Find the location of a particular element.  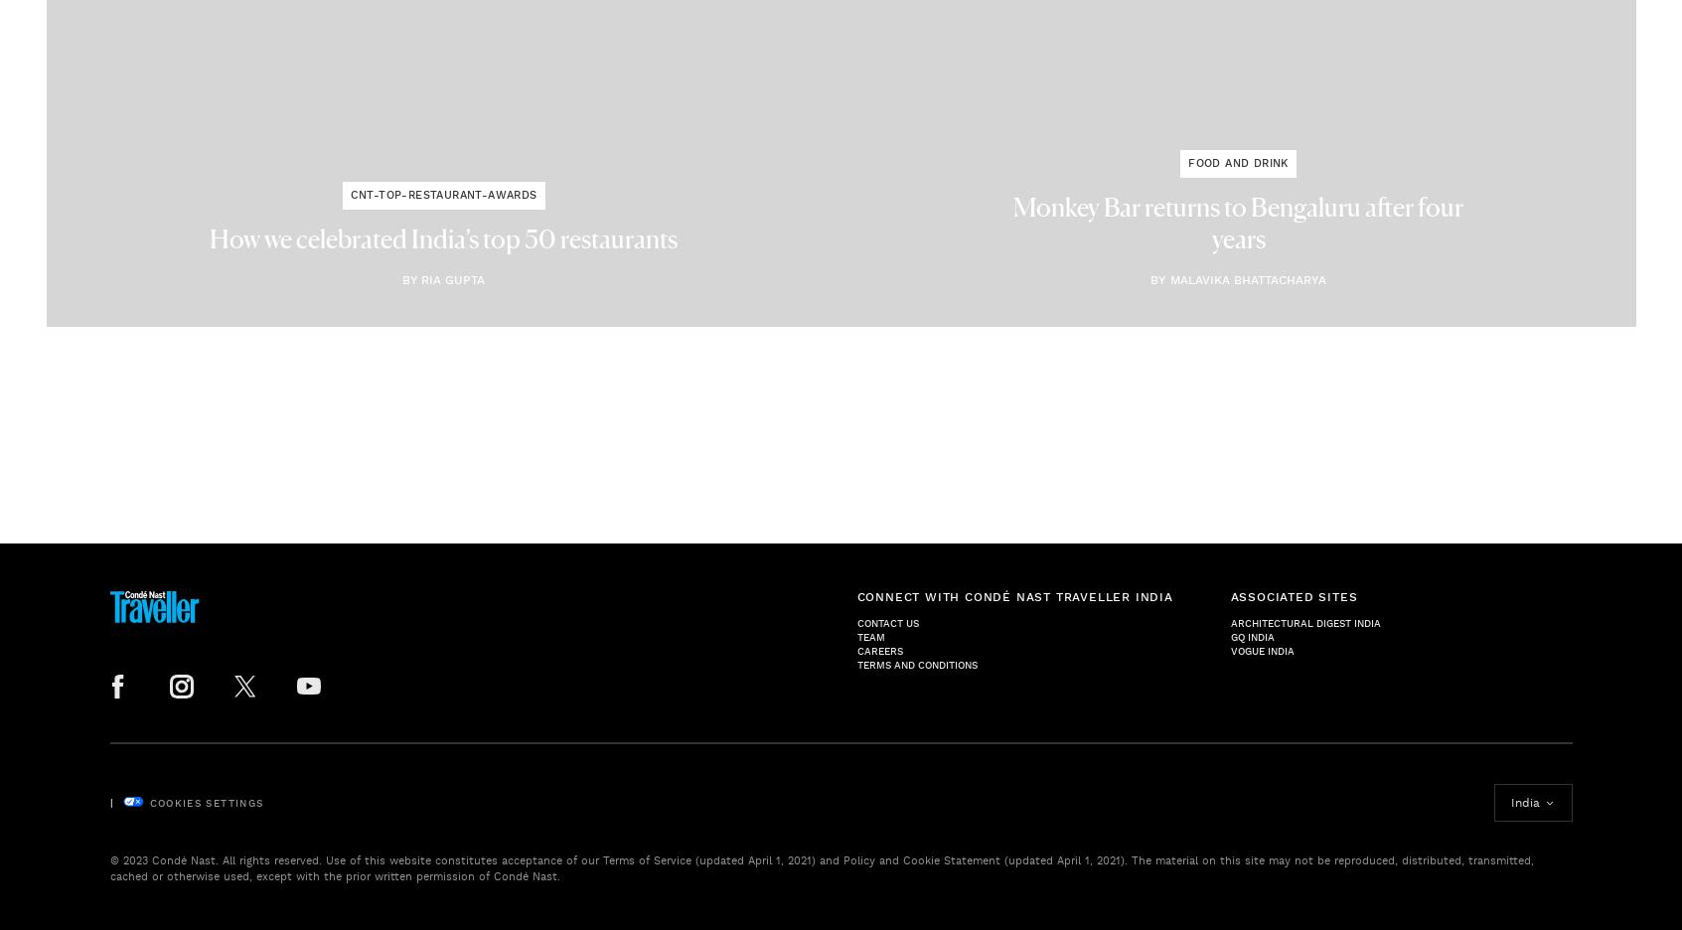

'cnt-top-restaurant-awards' is located at coordinates (349, 193).